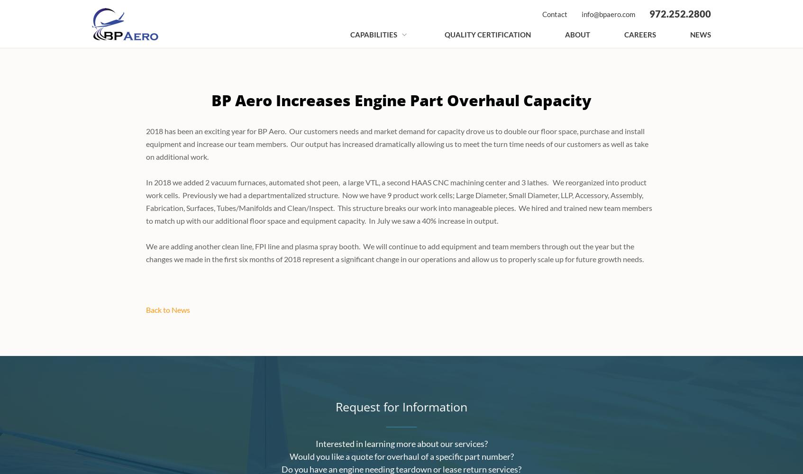  What do you see at coordinates (577, 34) in the screenshot?
I see `'About'` at bounding box center [577, 34].